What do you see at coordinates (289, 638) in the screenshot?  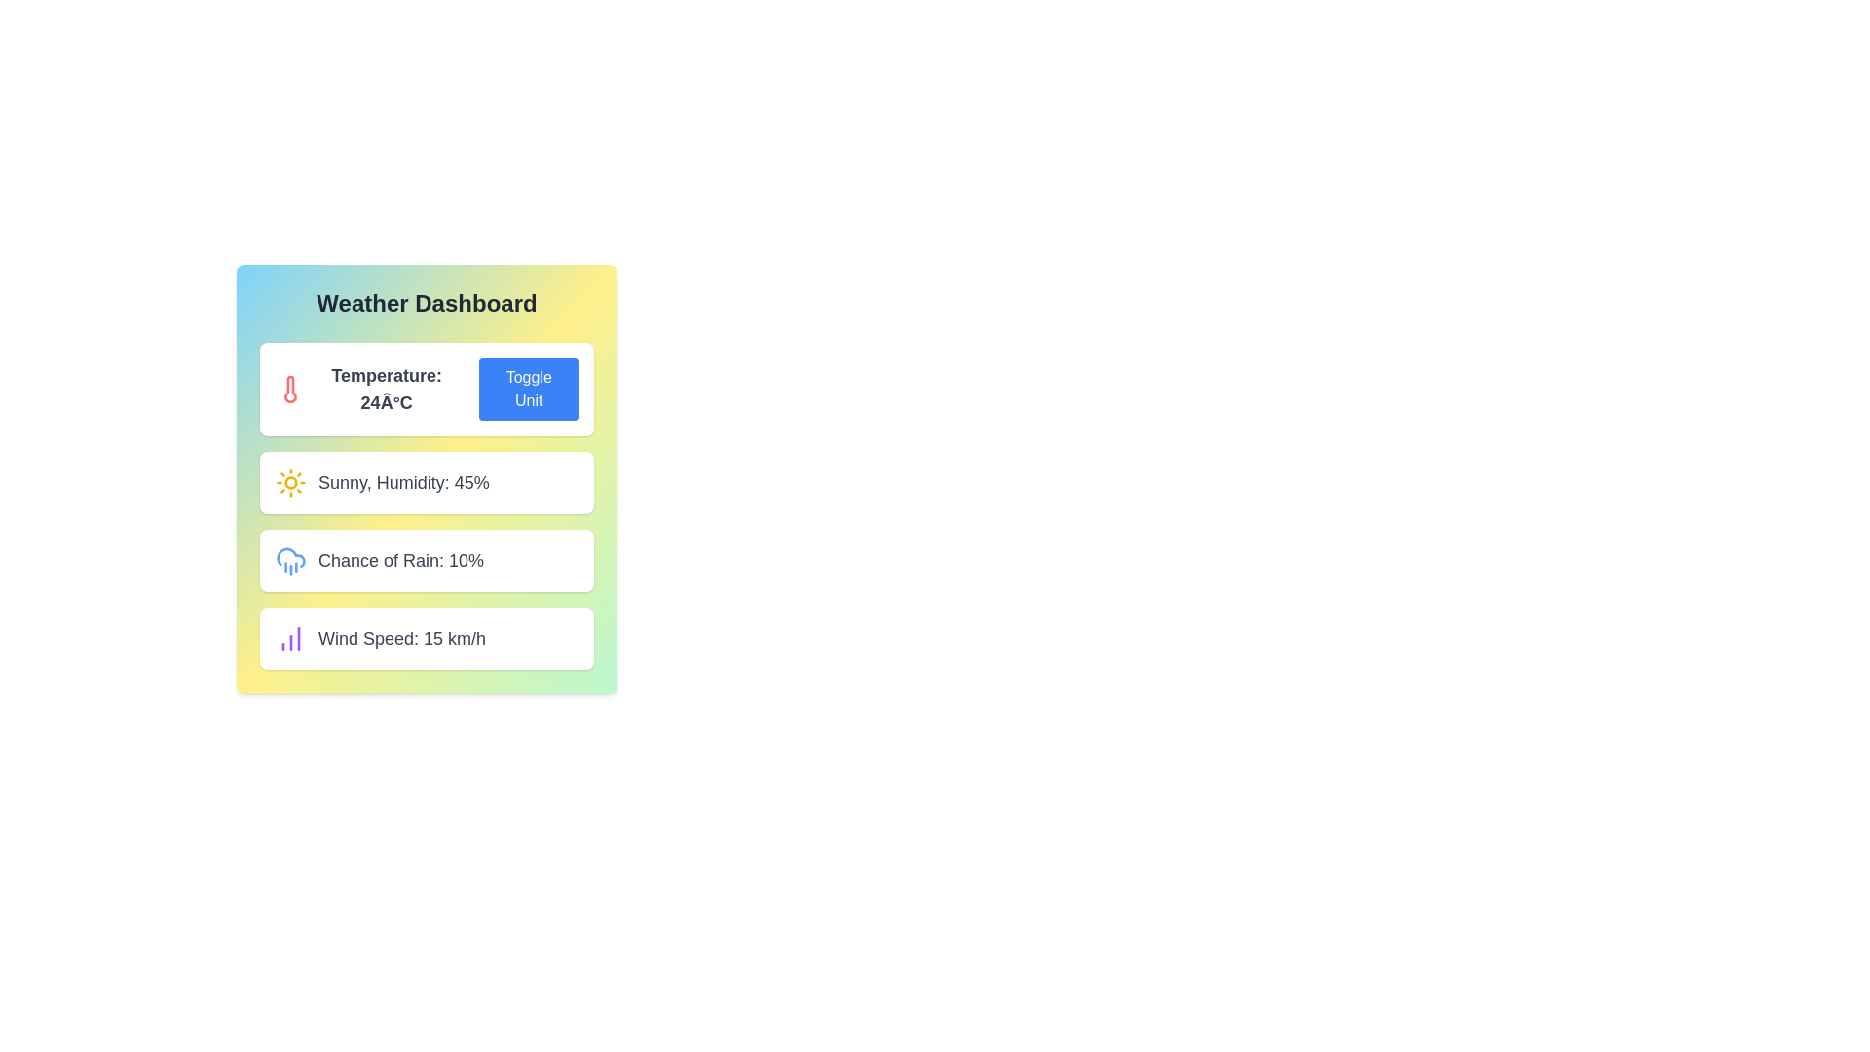 I see `the decorative icon representing increasing wind speed, located at the leftmost position in the 'Wind Speed: 15 km/h' section` at bounding box center [289, 638].